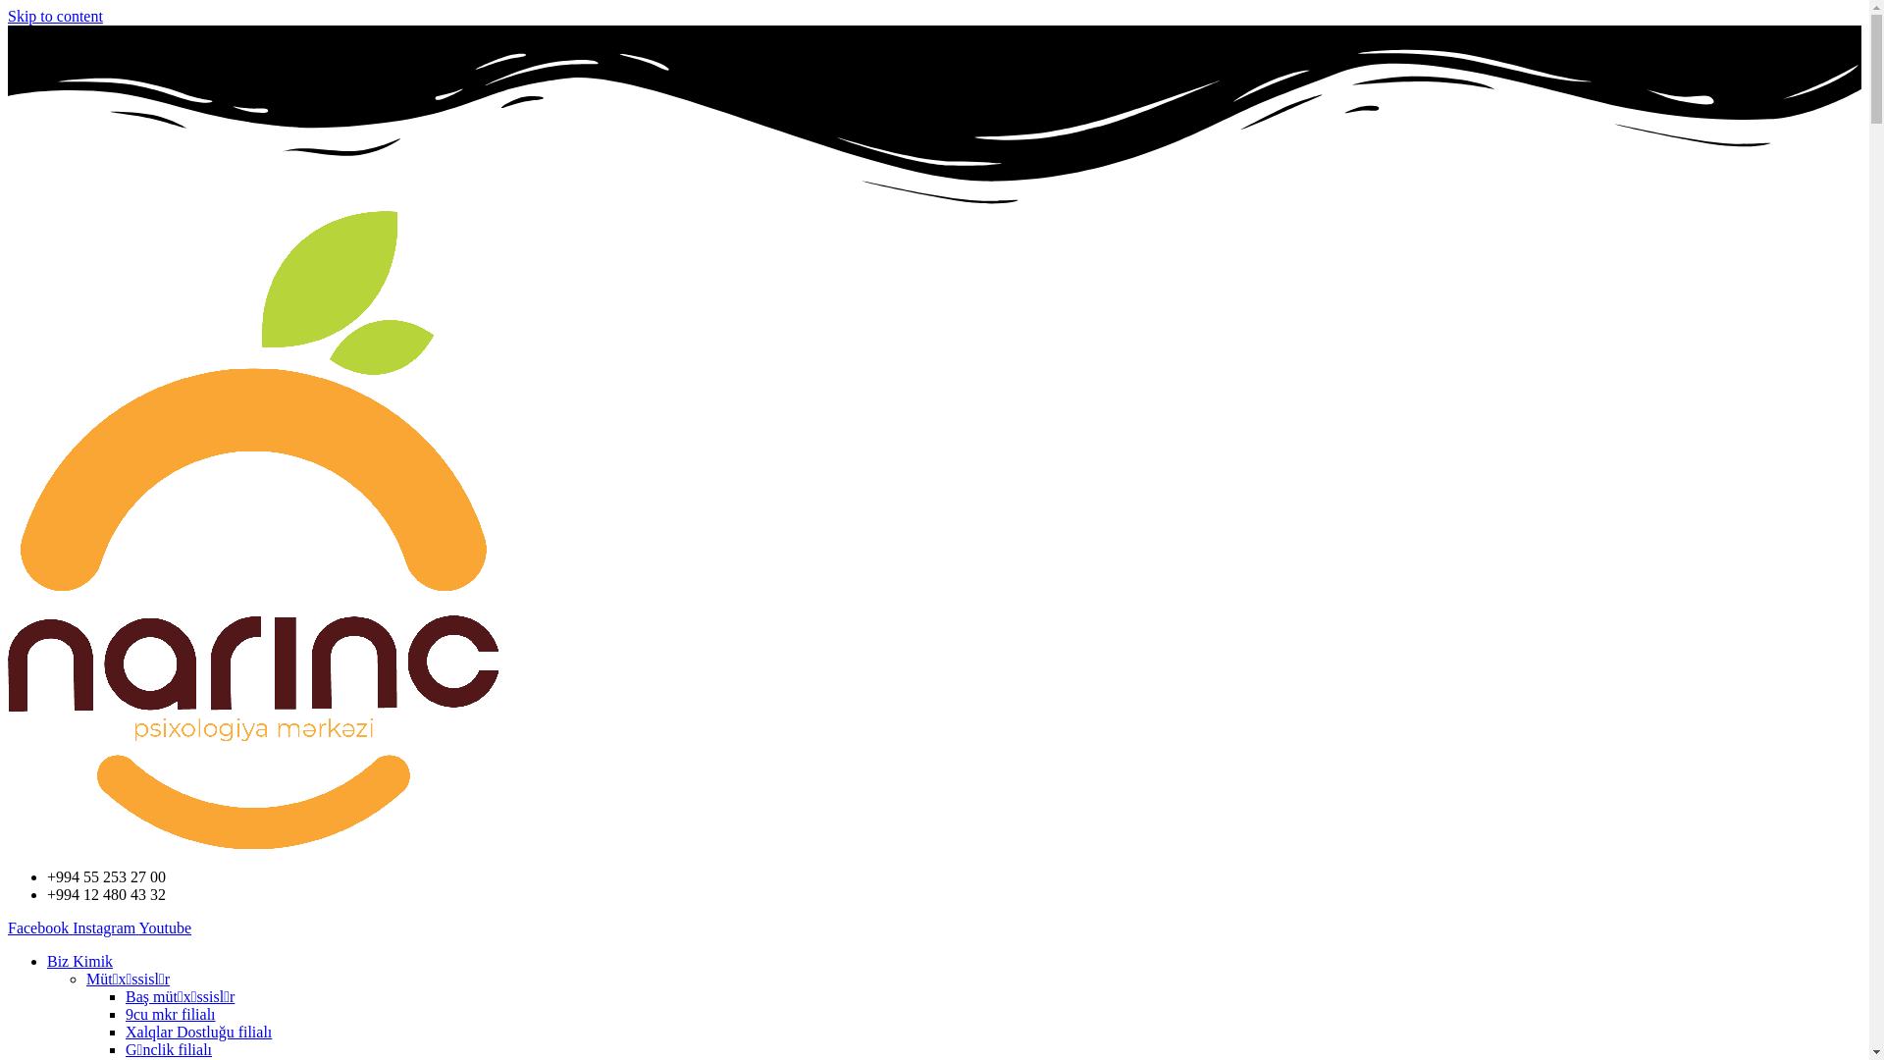  I want to click on 'Instagram', so click(104, 927).